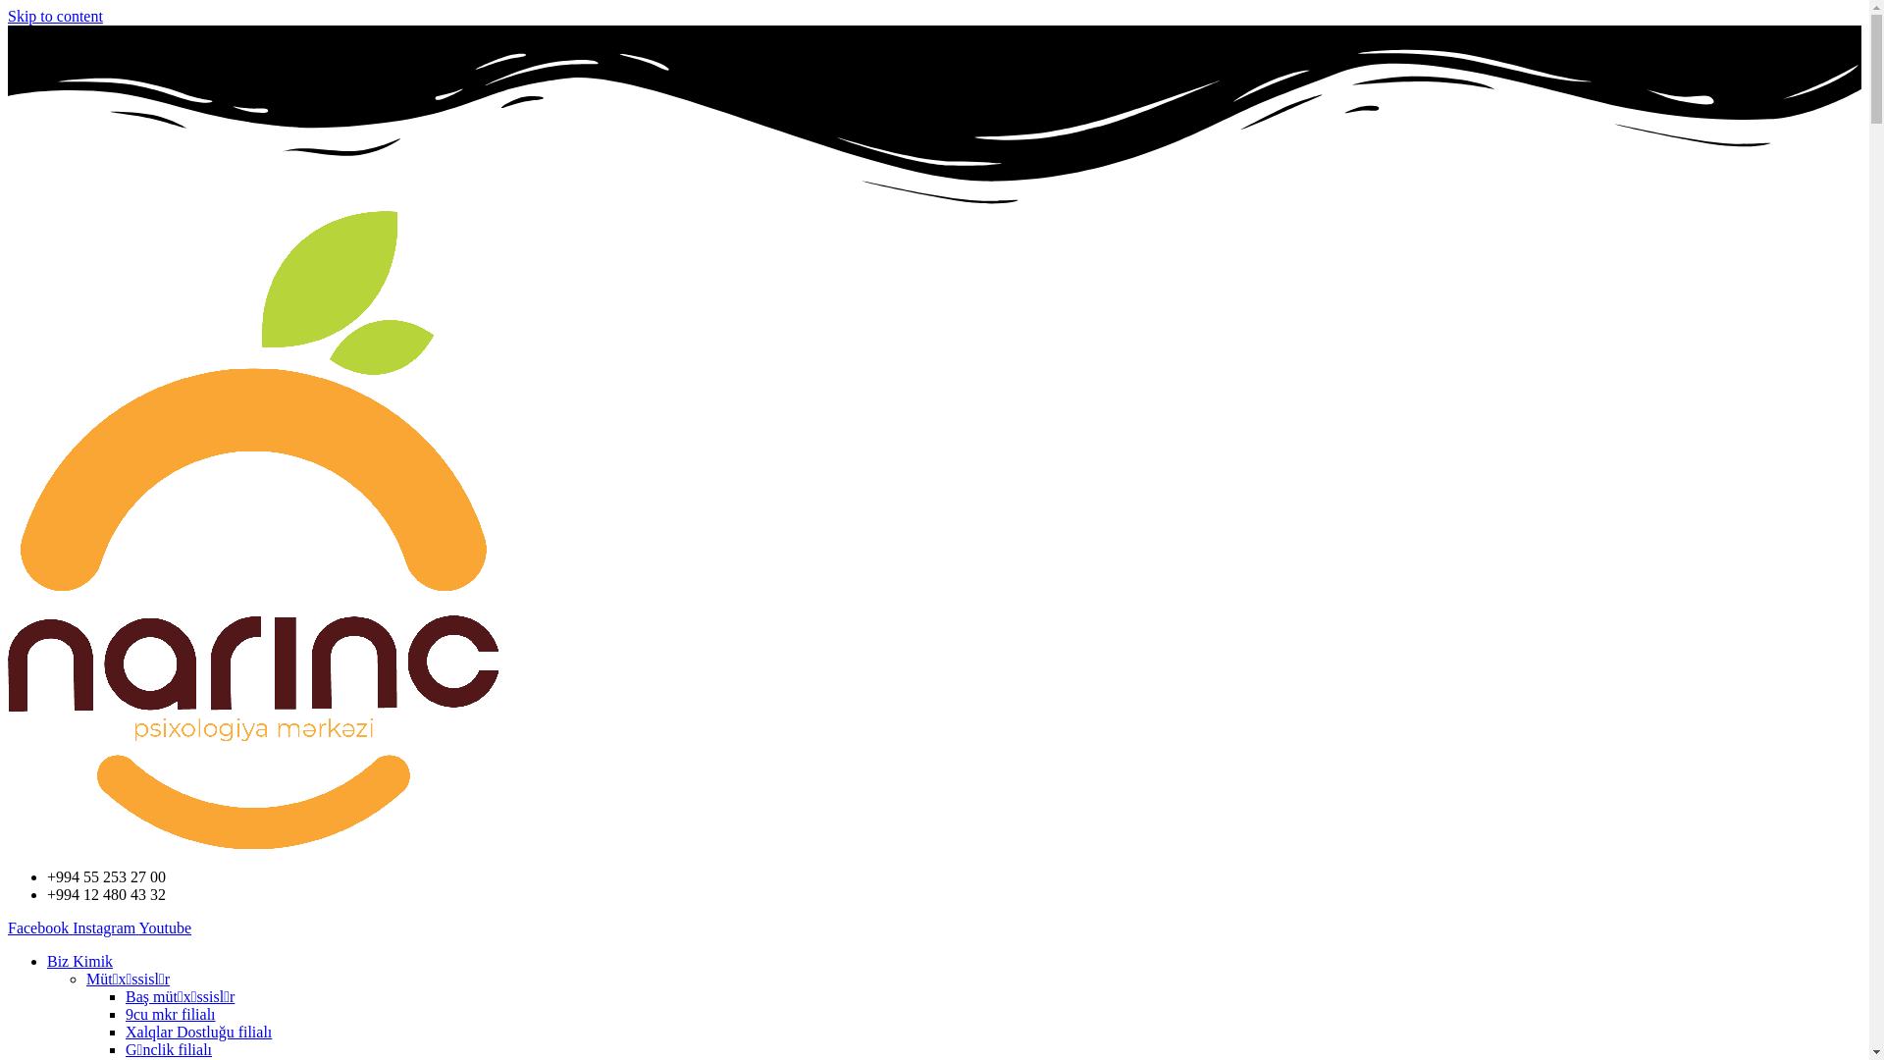  I want to click on 'Instagram', so click(104, 927).